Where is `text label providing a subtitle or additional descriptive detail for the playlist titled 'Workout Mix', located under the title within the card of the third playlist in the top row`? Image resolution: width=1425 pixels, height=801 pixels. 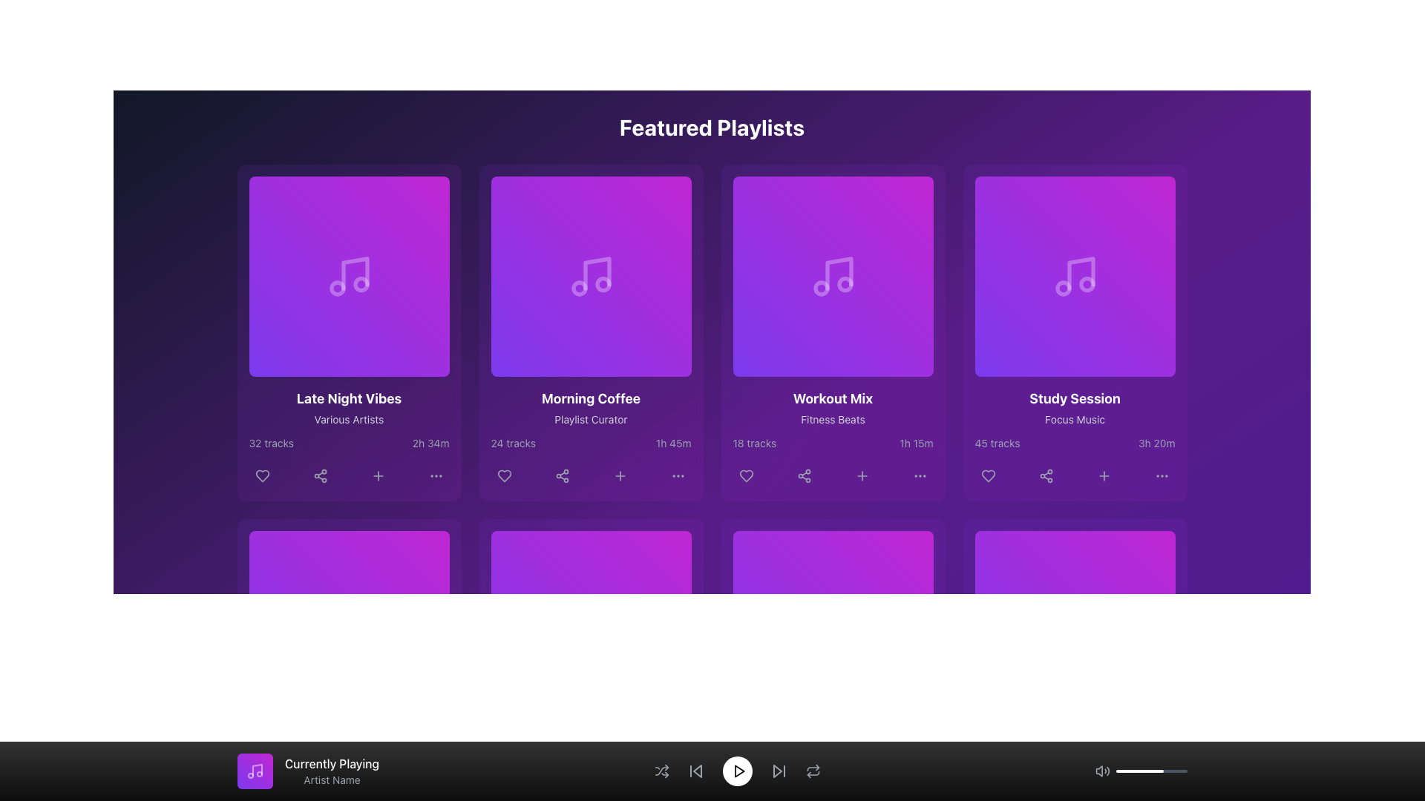 text label providing a subtitle or additional descriptive detail for the playlist titled 'Workout Mix', located under the title within the card of the third playlist in the top row is located at coordinates (833, 420).